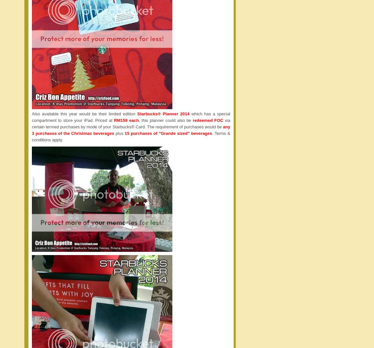  Describe the element at coordinates (131, 117) in the screenshot. I see `'which has a special compartment to store your iPad. Priced at'` at that location.